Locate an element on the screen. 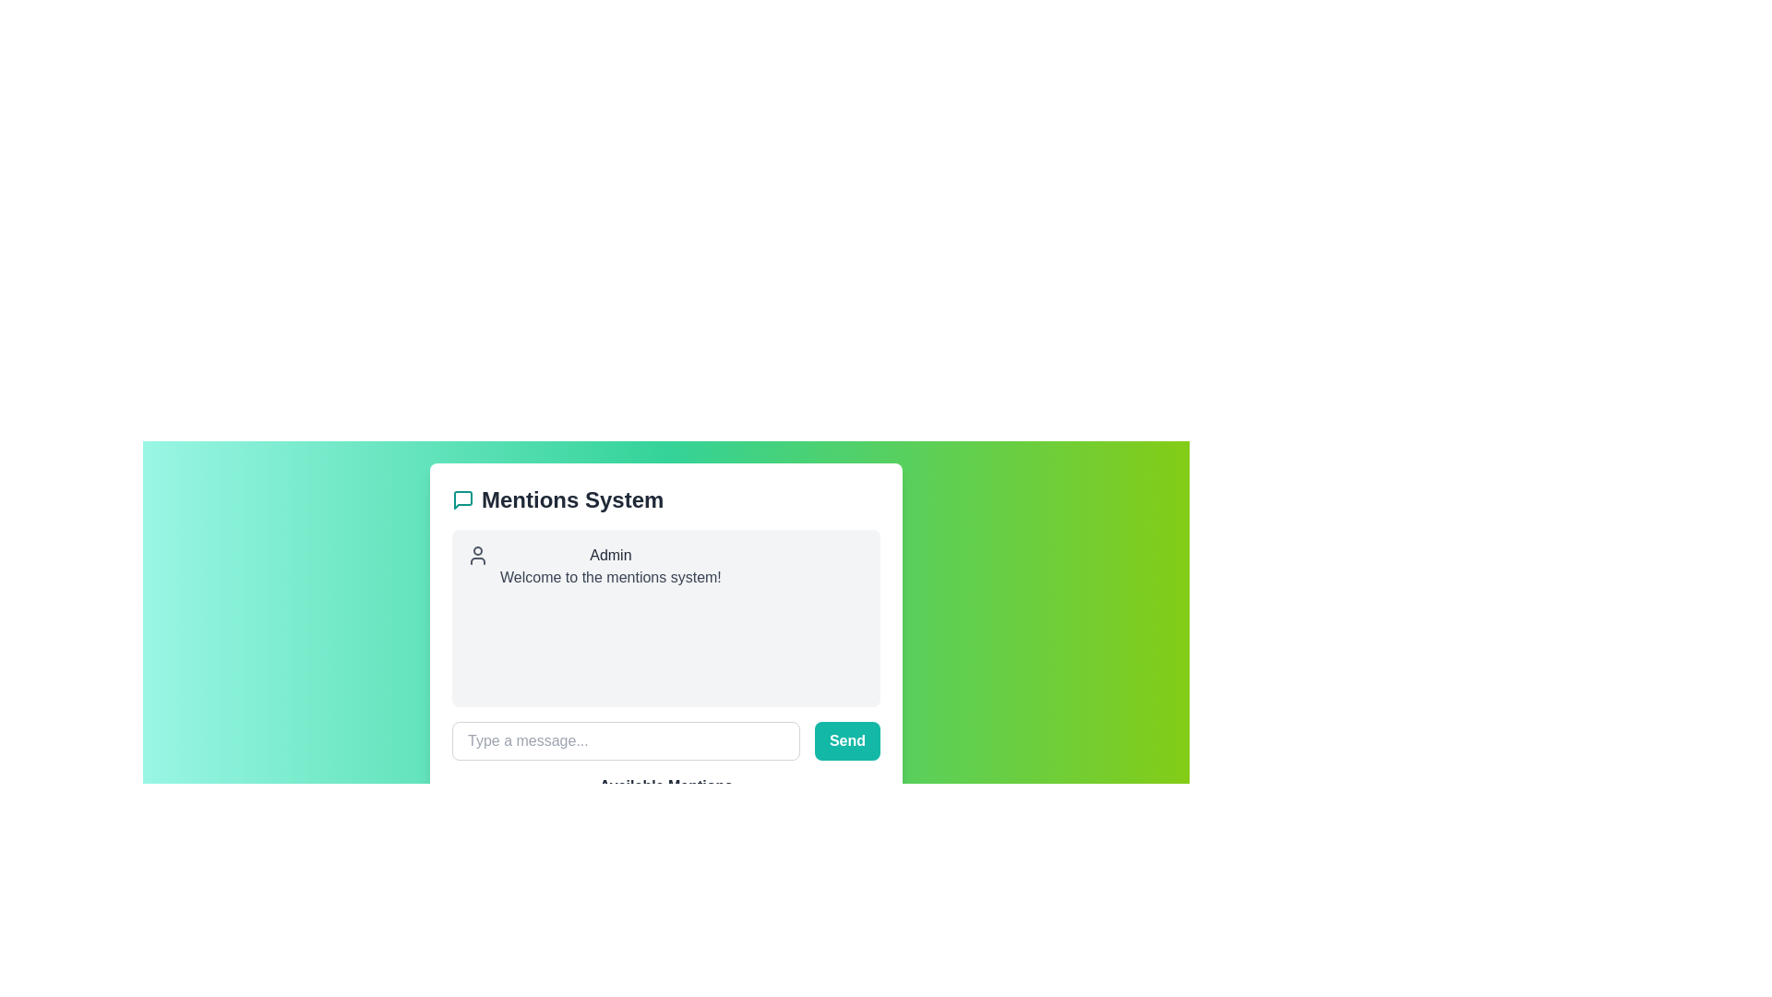 The width and height of the screenshot is (1772, 997). the welcoming message text label displayed below the 'Admin' text in the mentions system interface is located at coordinates (610, 576).